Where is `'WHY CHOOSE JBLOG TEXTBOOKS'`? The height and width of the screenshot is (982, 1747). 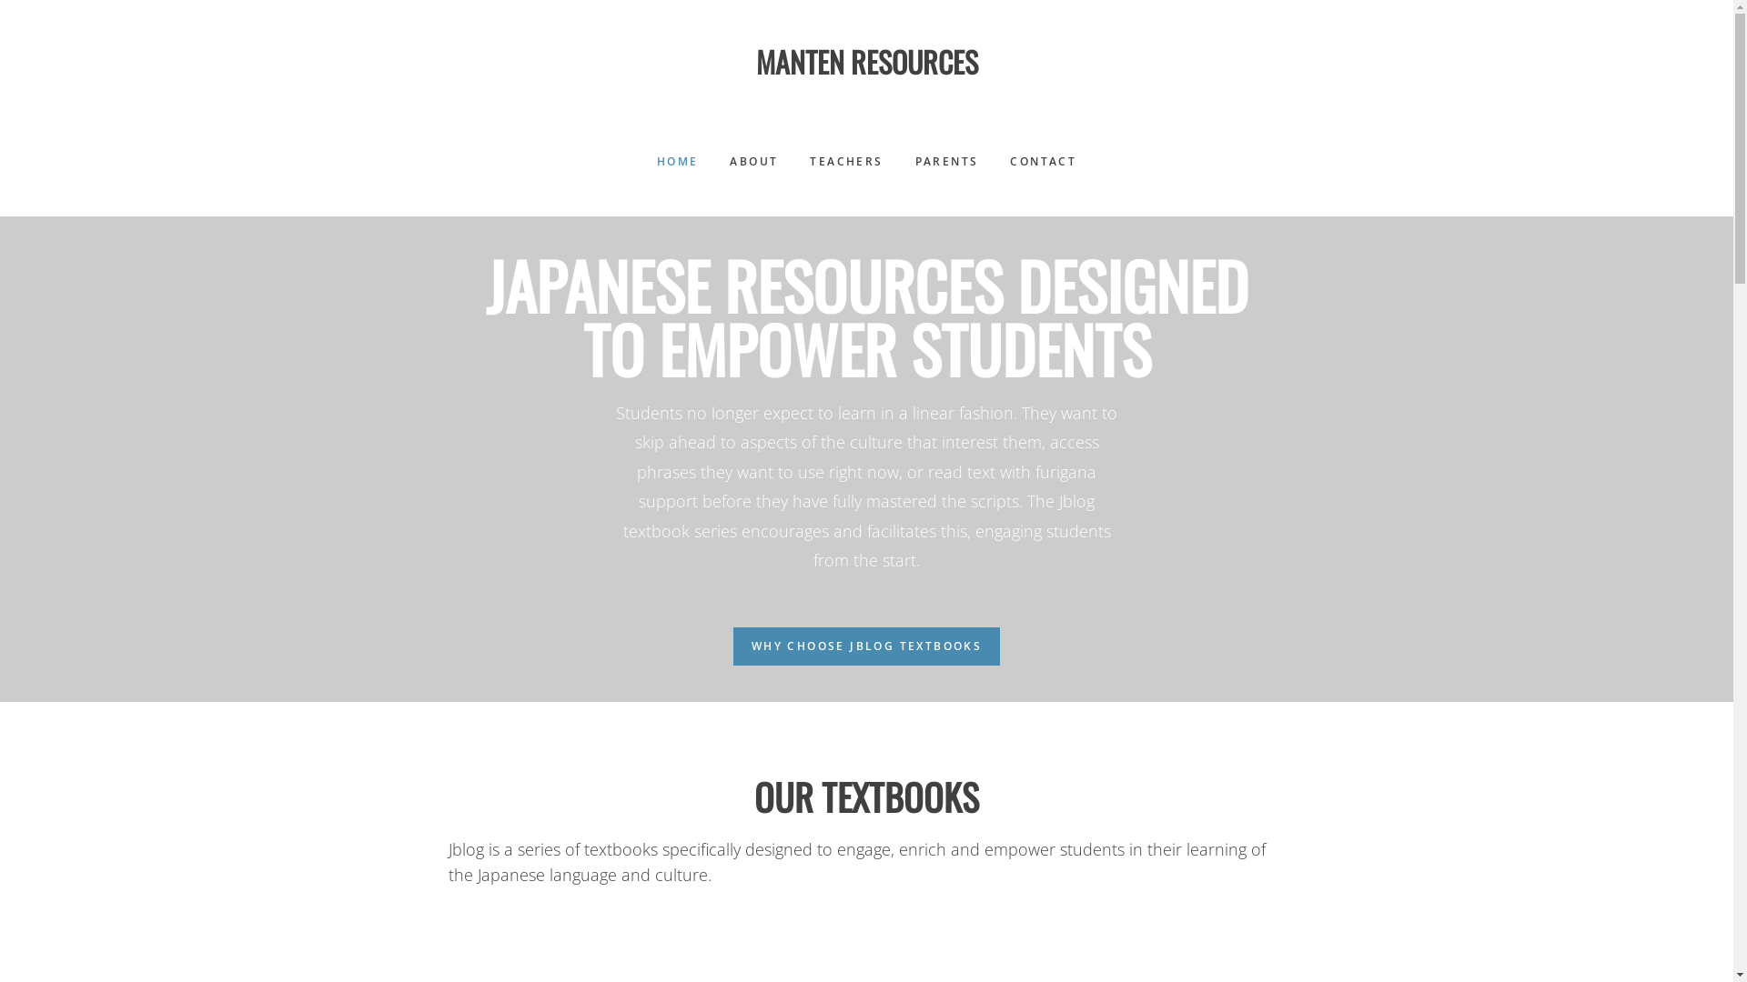 'WHY CHOOSE JBLOG TEXTBOOKS' is located at coordinates (865, 645).